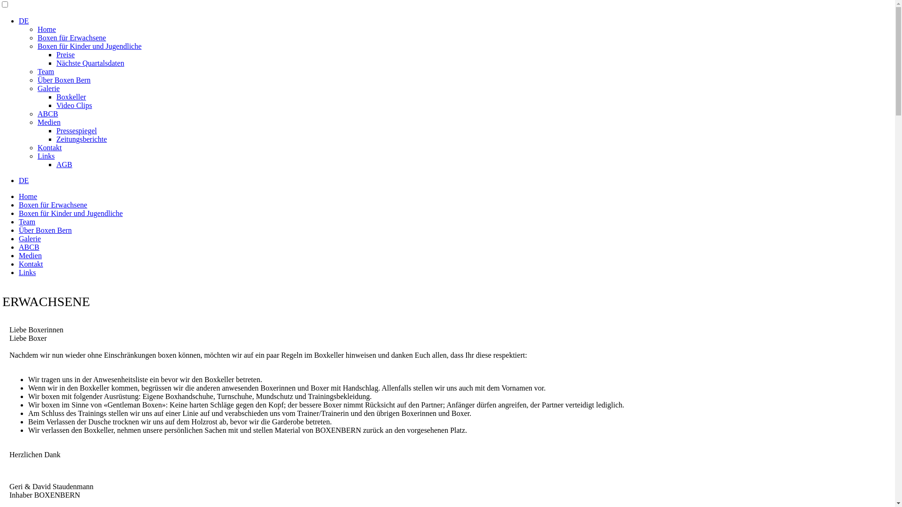 This screenshot has width=902, height=507. Describe the element at coordinates (48, 122) in the screenshot. I see `'Medien'` at that location.